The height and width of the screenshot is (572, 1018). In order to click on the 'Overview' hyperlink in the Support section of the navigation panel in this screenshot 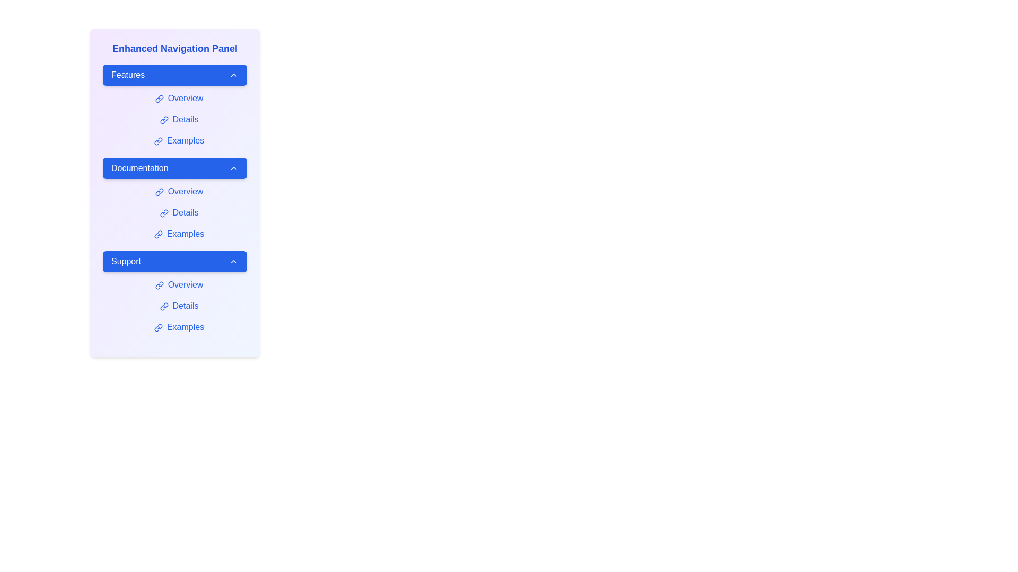, I will do `click(179, 284)`.